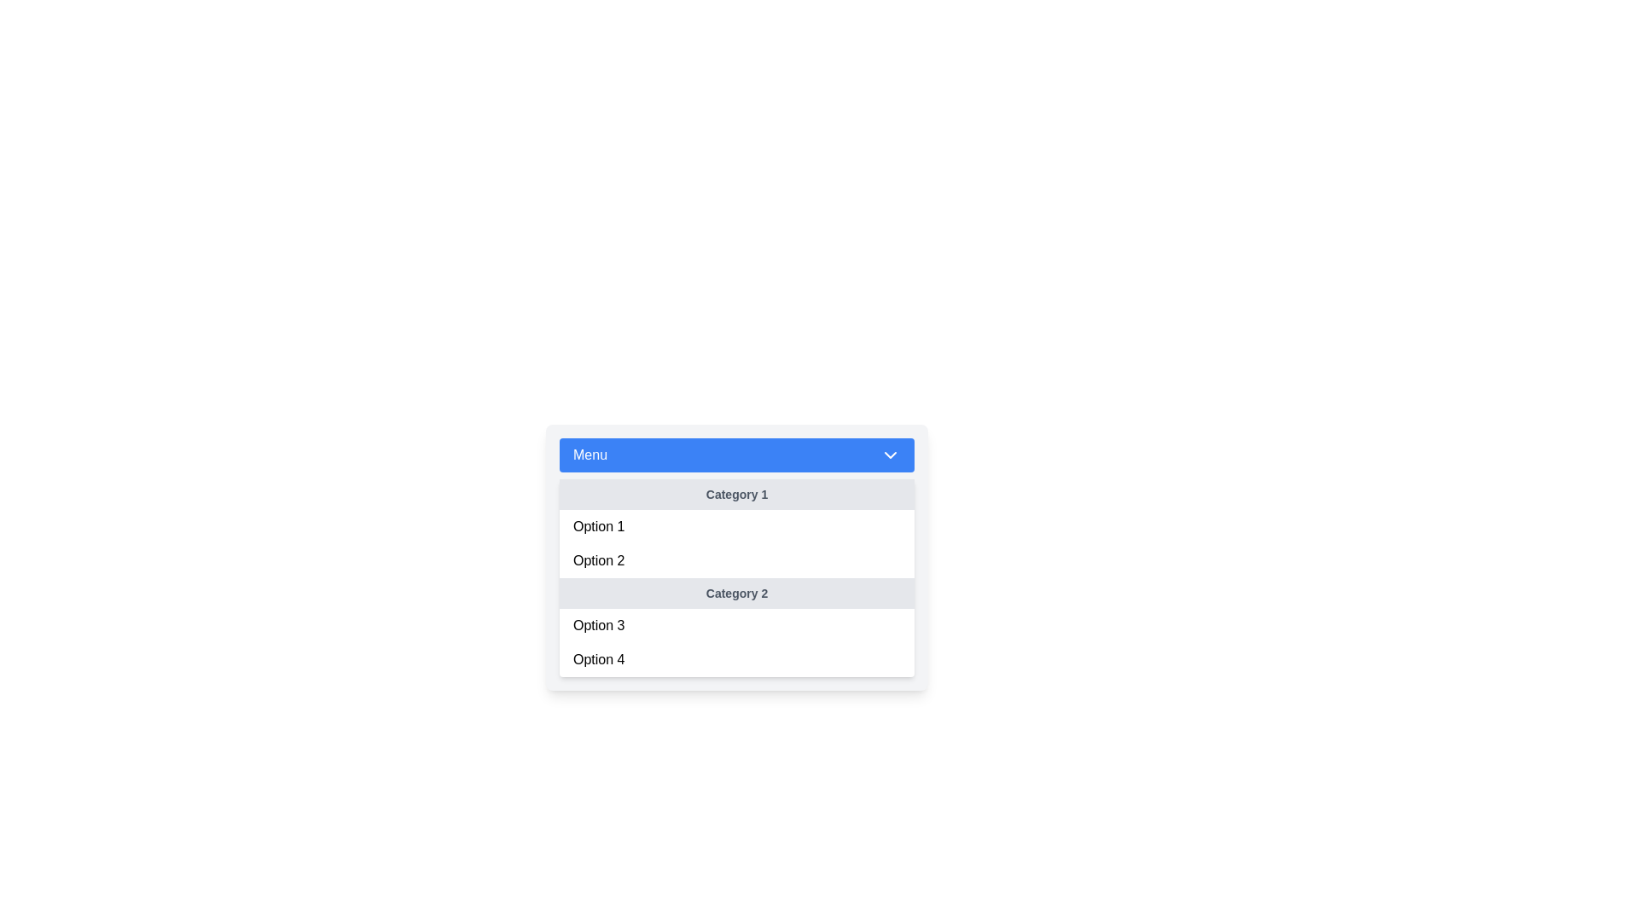 Image resolution: width=1638 pixels, height=921 pixels. Describe the element at coordinates (737, 525) in the screenshot. I see `the first clickable option in the dropdown menu under 'Category 1'` at that location.